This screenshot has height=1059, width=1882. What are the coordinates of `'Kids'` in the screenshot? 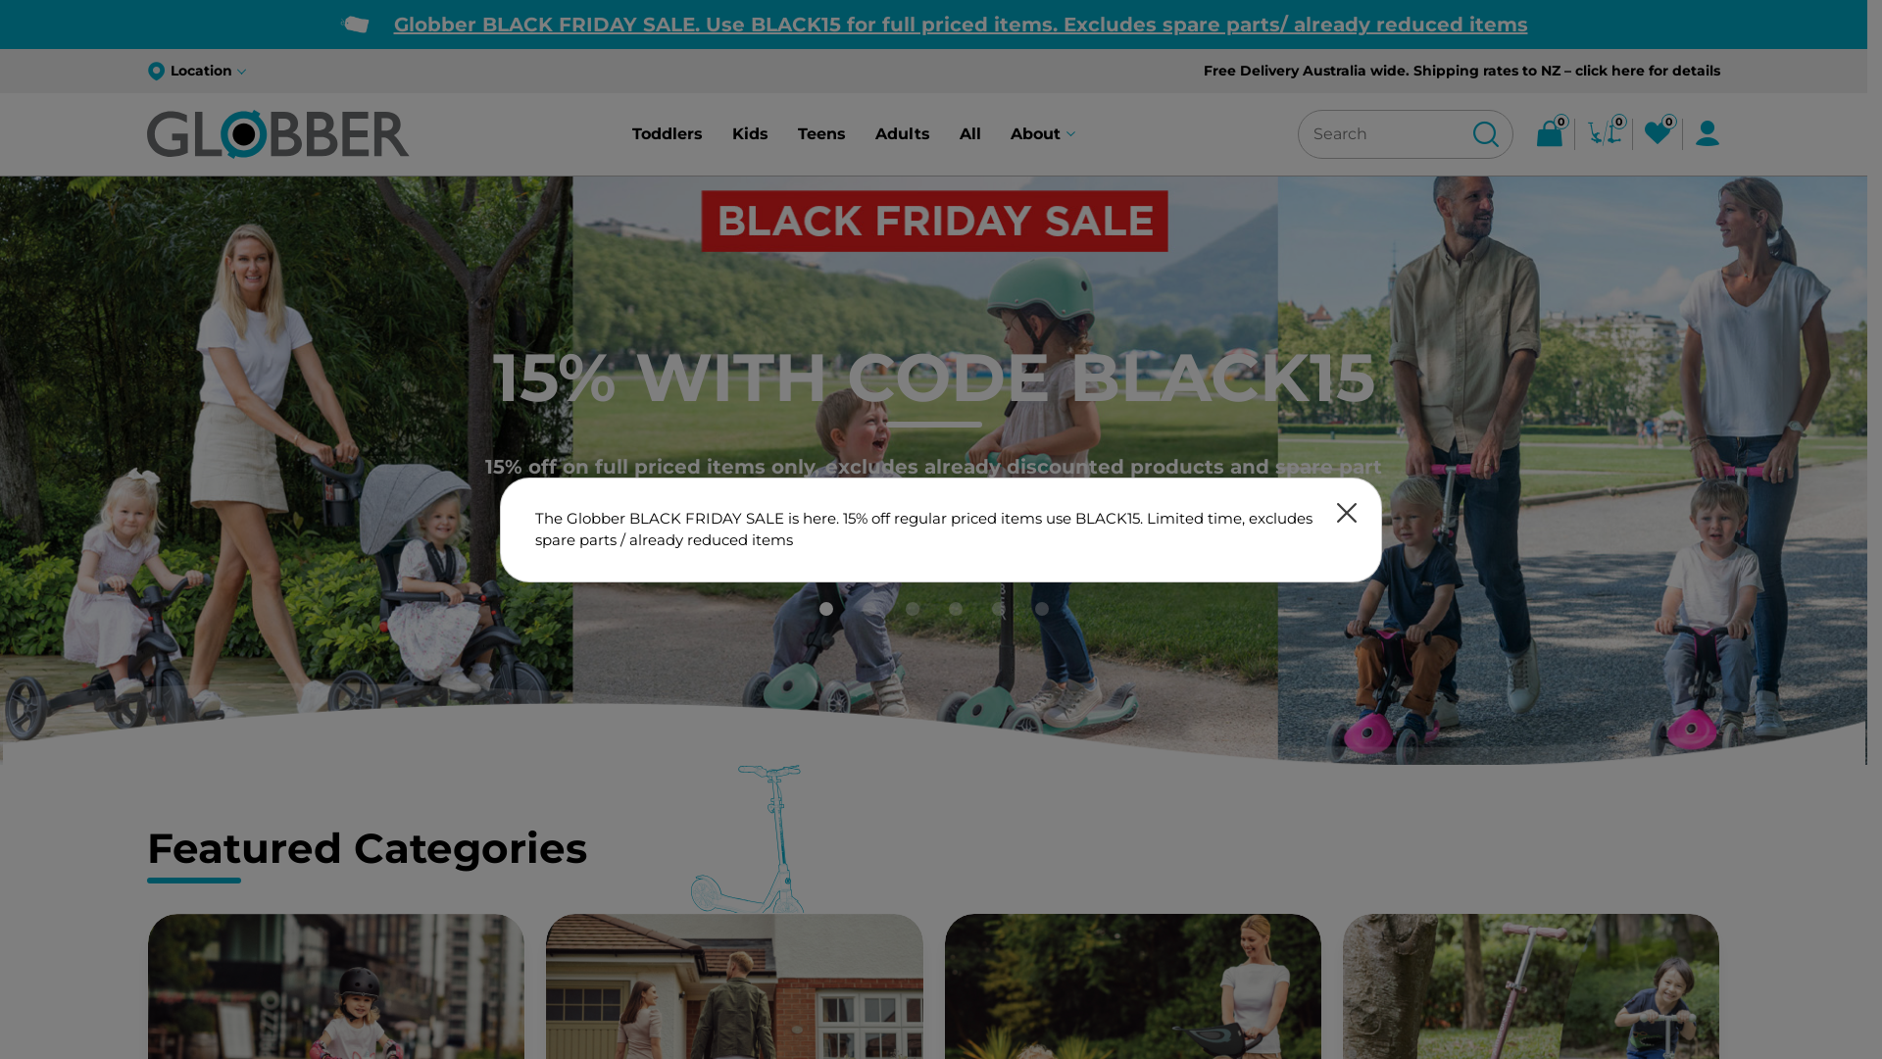 It's located at (731, 133).